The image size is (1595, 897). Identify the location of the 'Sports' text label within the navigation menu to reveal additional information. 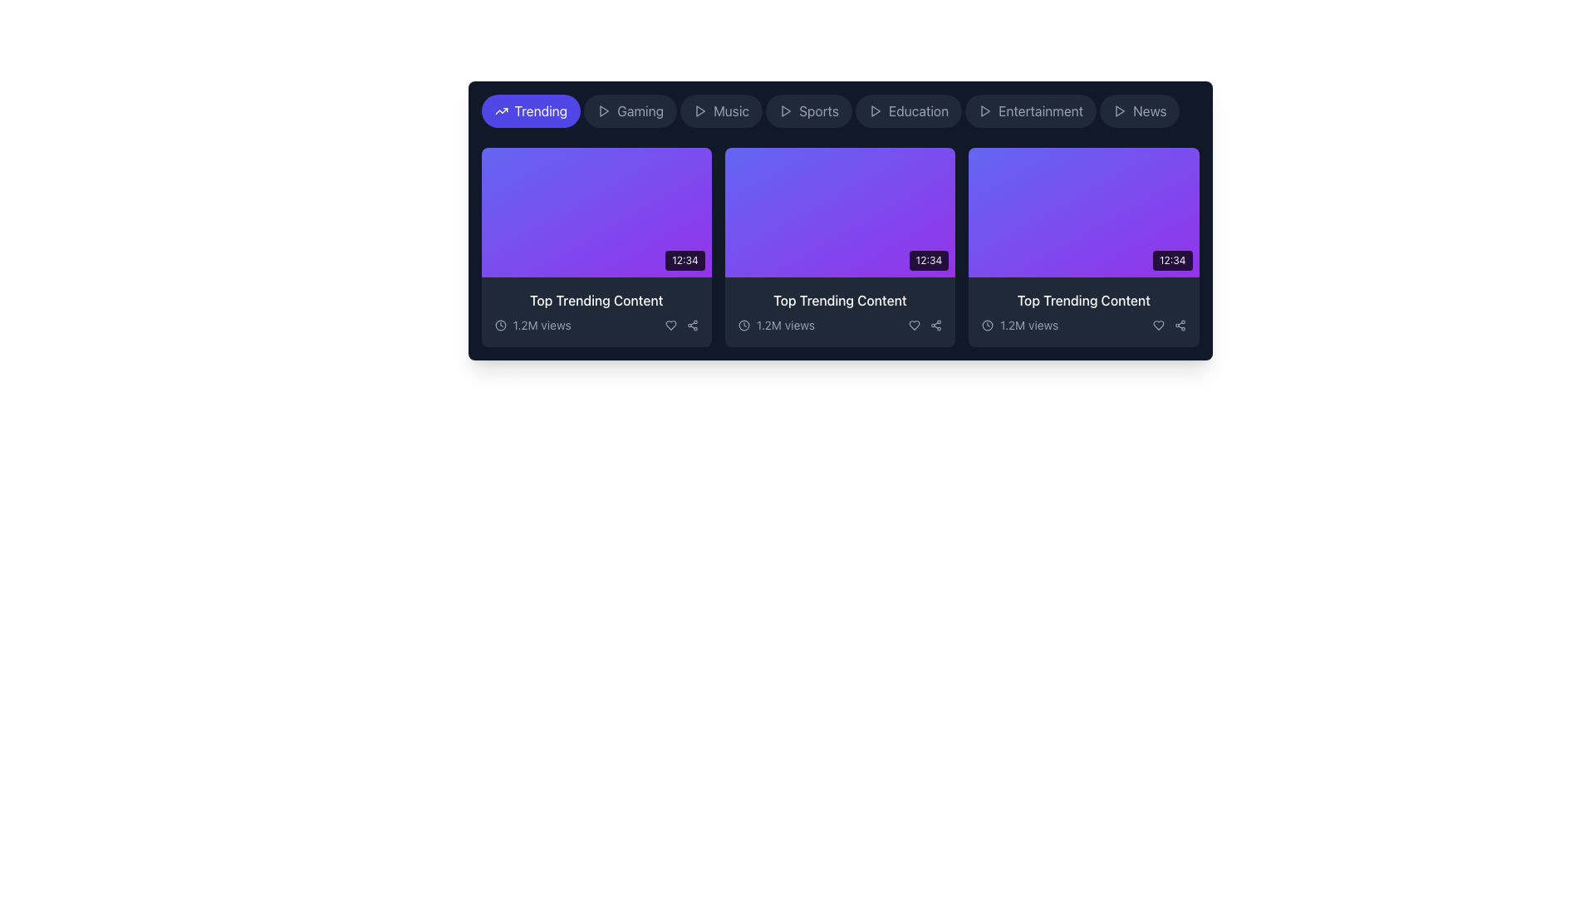
(818, 111).